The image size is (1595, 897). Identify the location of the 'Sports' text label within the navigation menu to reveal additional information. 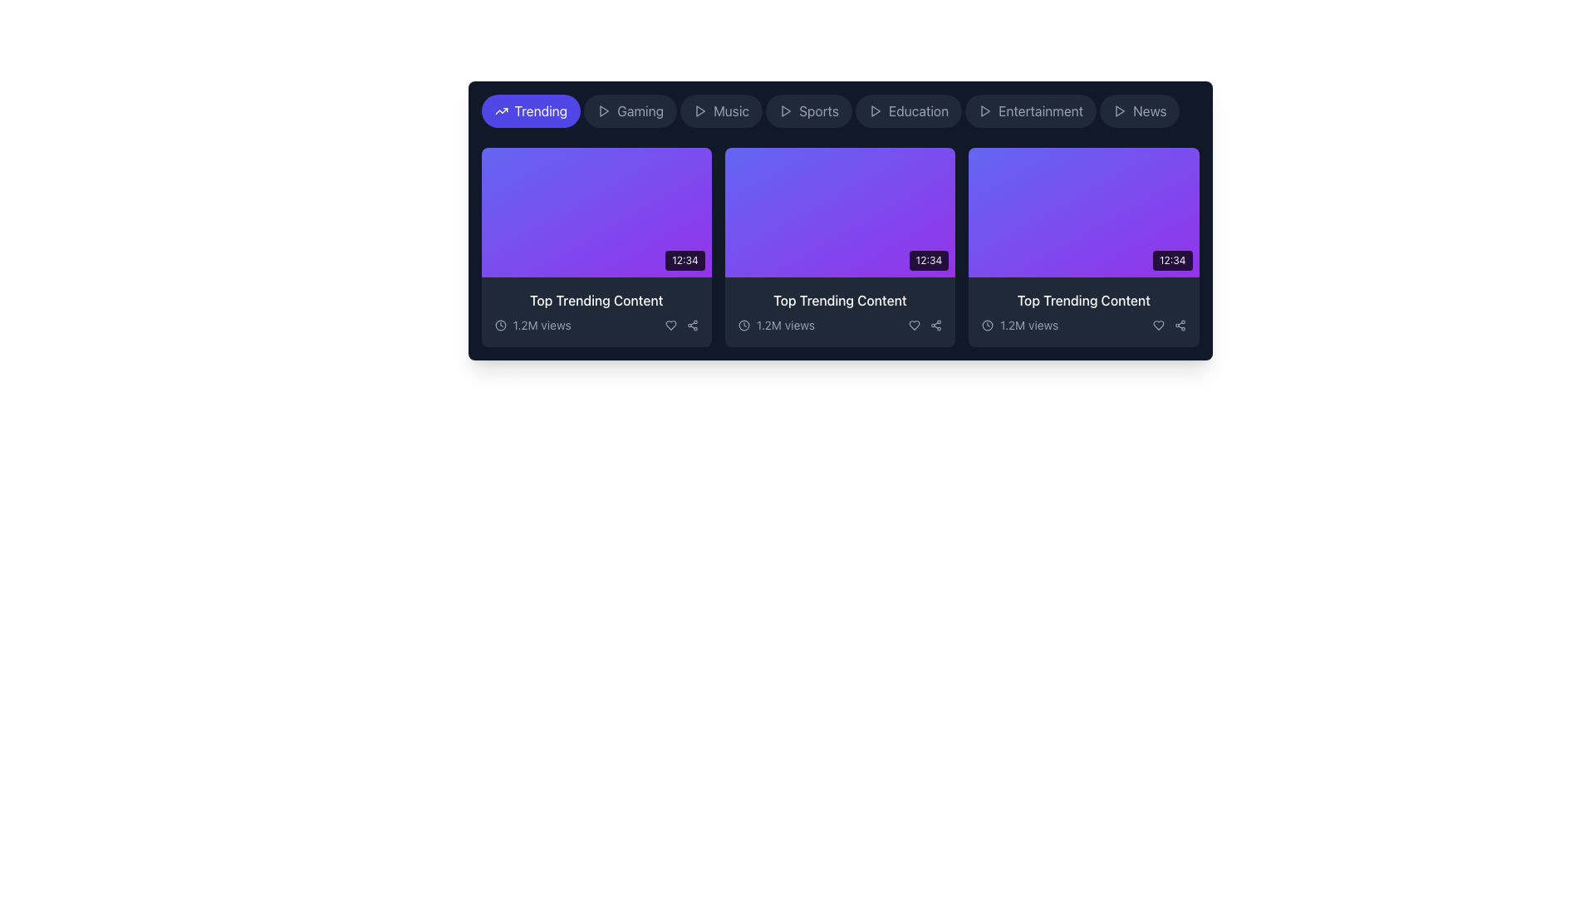
(818, 111).